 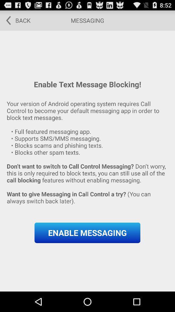 I want to click on enable messaging item, so click(x=87, y=233).